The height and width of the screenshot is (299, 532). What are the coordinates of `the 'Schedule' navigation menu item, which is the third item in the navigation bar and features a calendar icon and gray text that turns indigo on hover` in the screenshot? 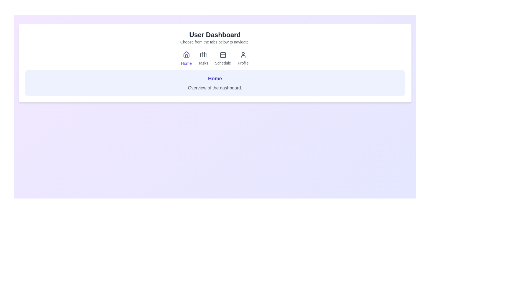 It's located at (223, 59).